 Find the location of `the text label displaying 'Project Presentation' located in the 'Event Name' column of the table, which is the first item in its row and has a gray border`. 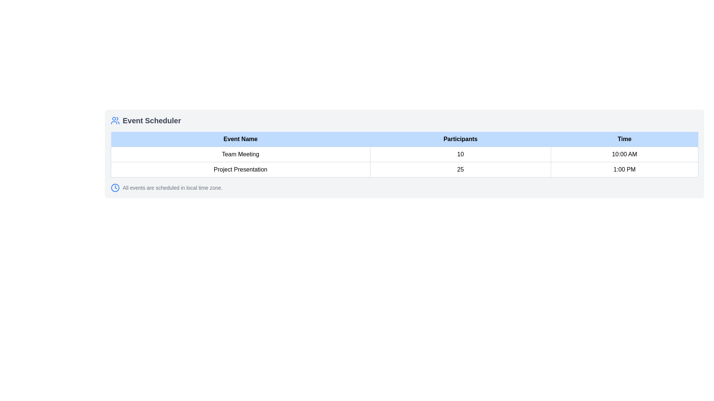

the text label displaying 'Project Presentation' located in the 'Event Name' column of the table, which is the first item in its row and has a gray border is located at coordinates (240, 169).